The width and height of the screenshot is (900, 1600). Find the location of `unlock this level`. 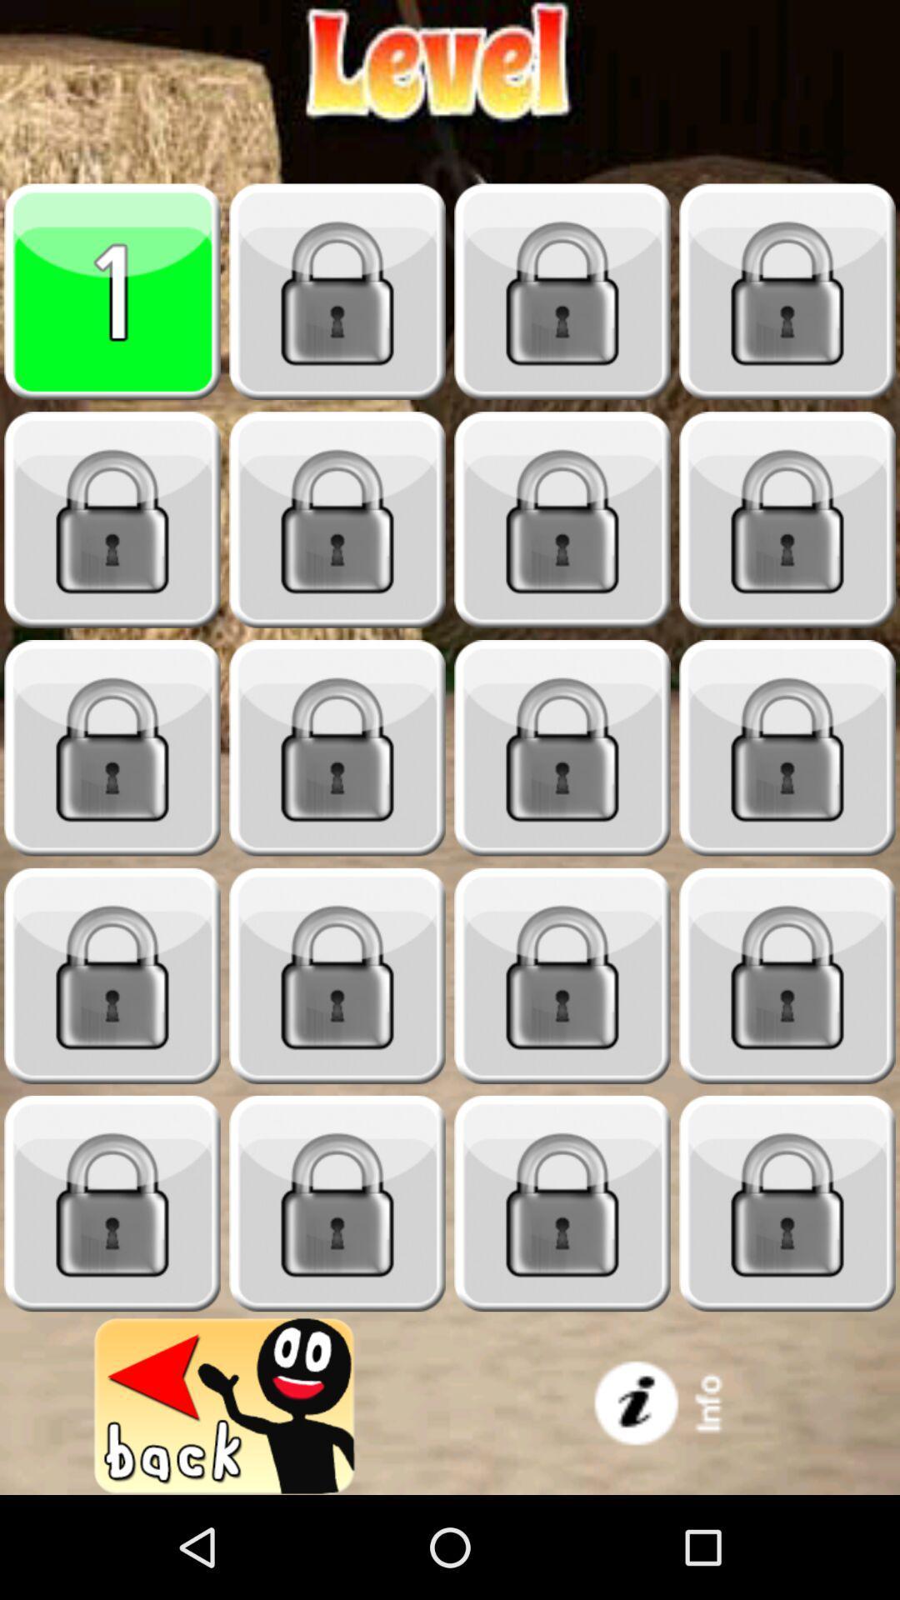

unlock this level is located at coordinates (112, 519).